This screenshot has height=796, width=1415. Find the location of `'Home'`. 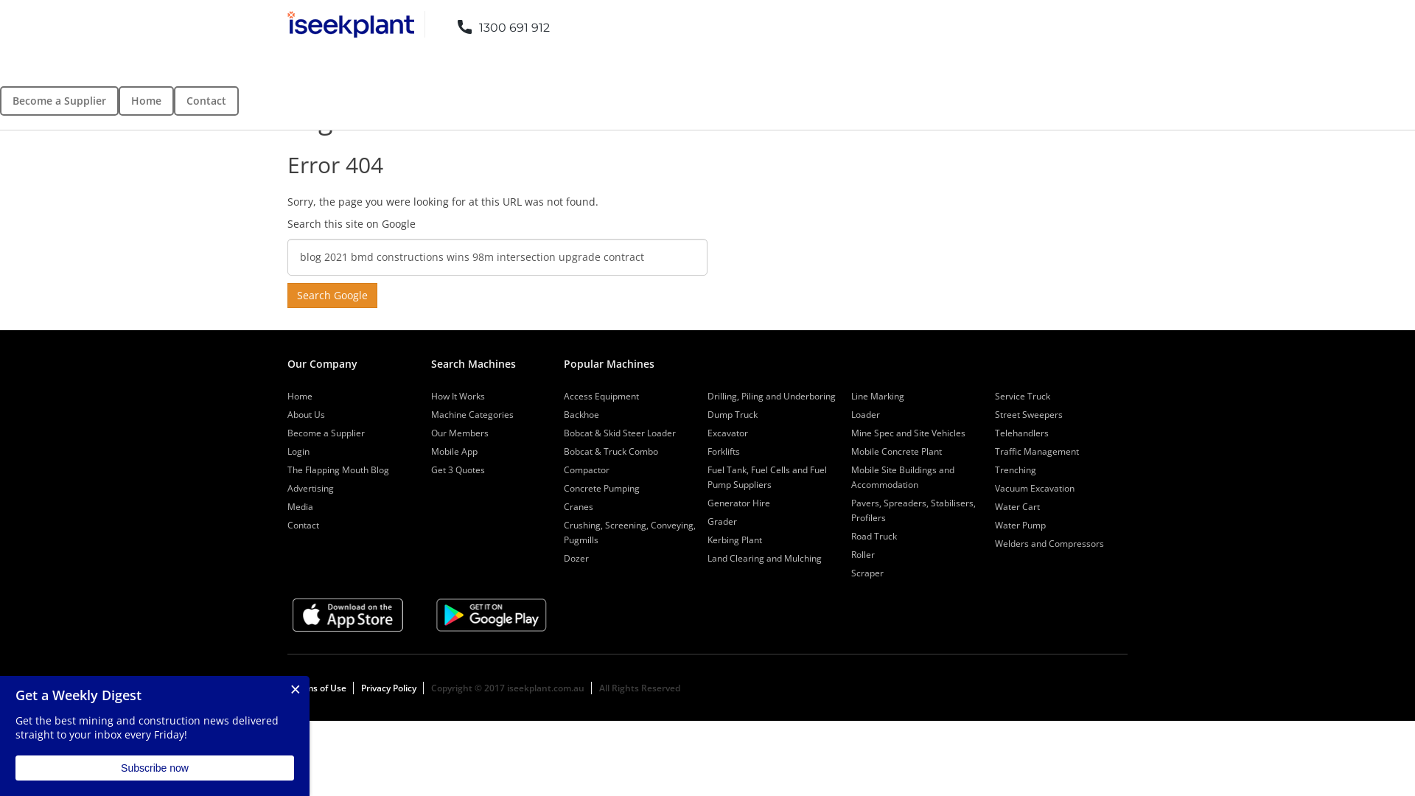

'Home' is located at coordinates (146, 100).